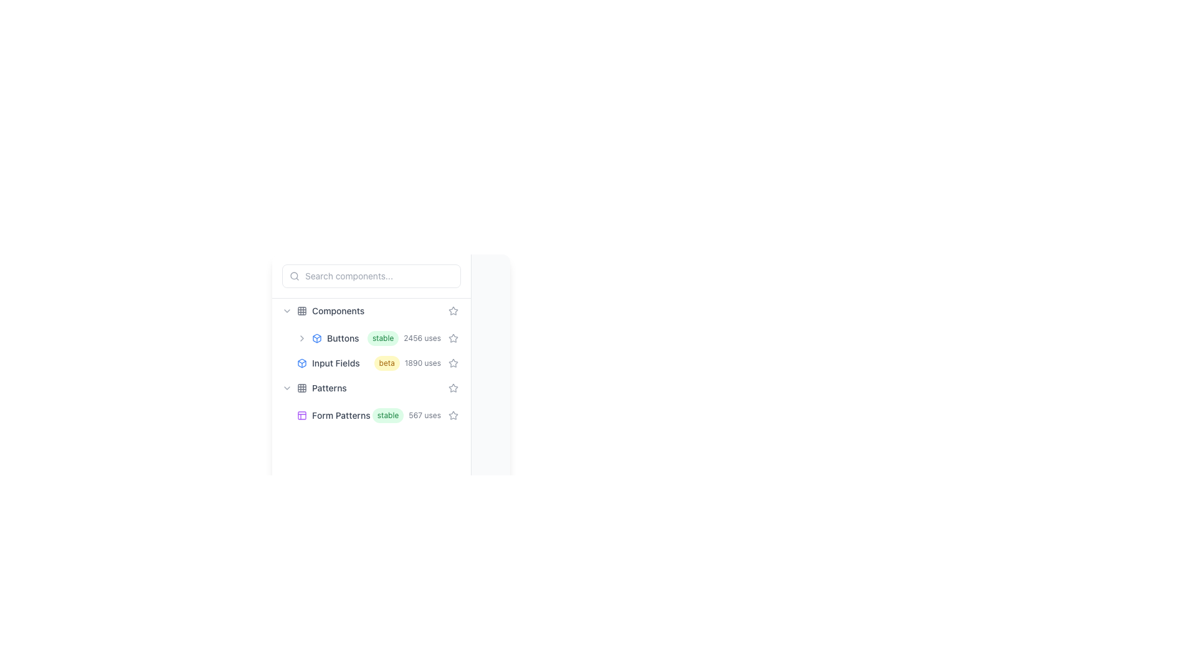 The image size is (1196, 672). Describe the element at coordinates (301, 415) in the screenshot. I see `the icon representing the 'Form Patterns' section to interact with or expand it` at that location.